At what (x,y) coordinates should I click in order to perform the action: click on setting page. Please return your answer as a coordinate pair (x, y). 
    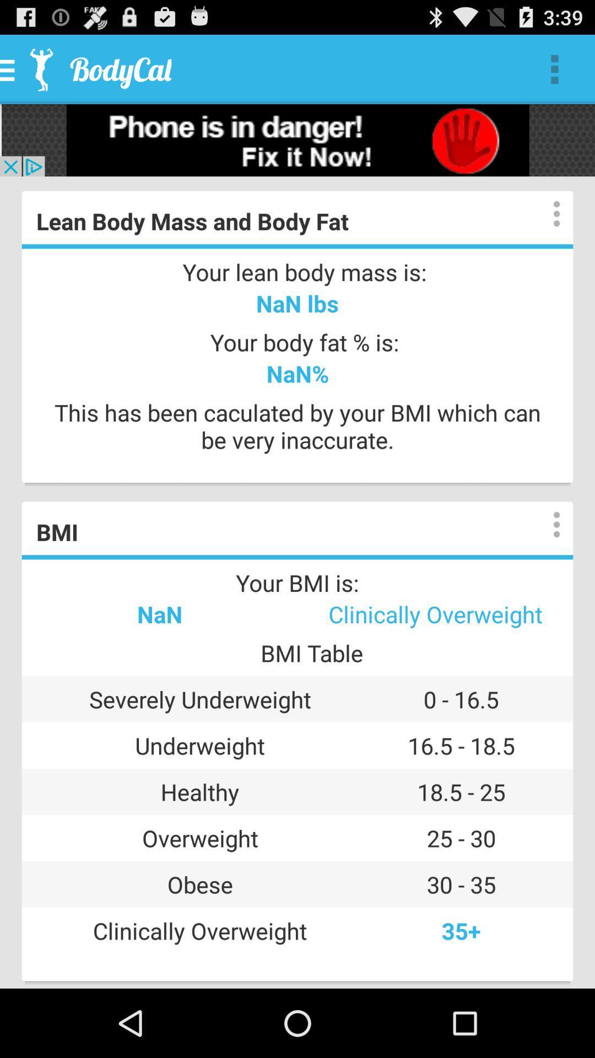
    Looking at the image, I should click on (545, 214).